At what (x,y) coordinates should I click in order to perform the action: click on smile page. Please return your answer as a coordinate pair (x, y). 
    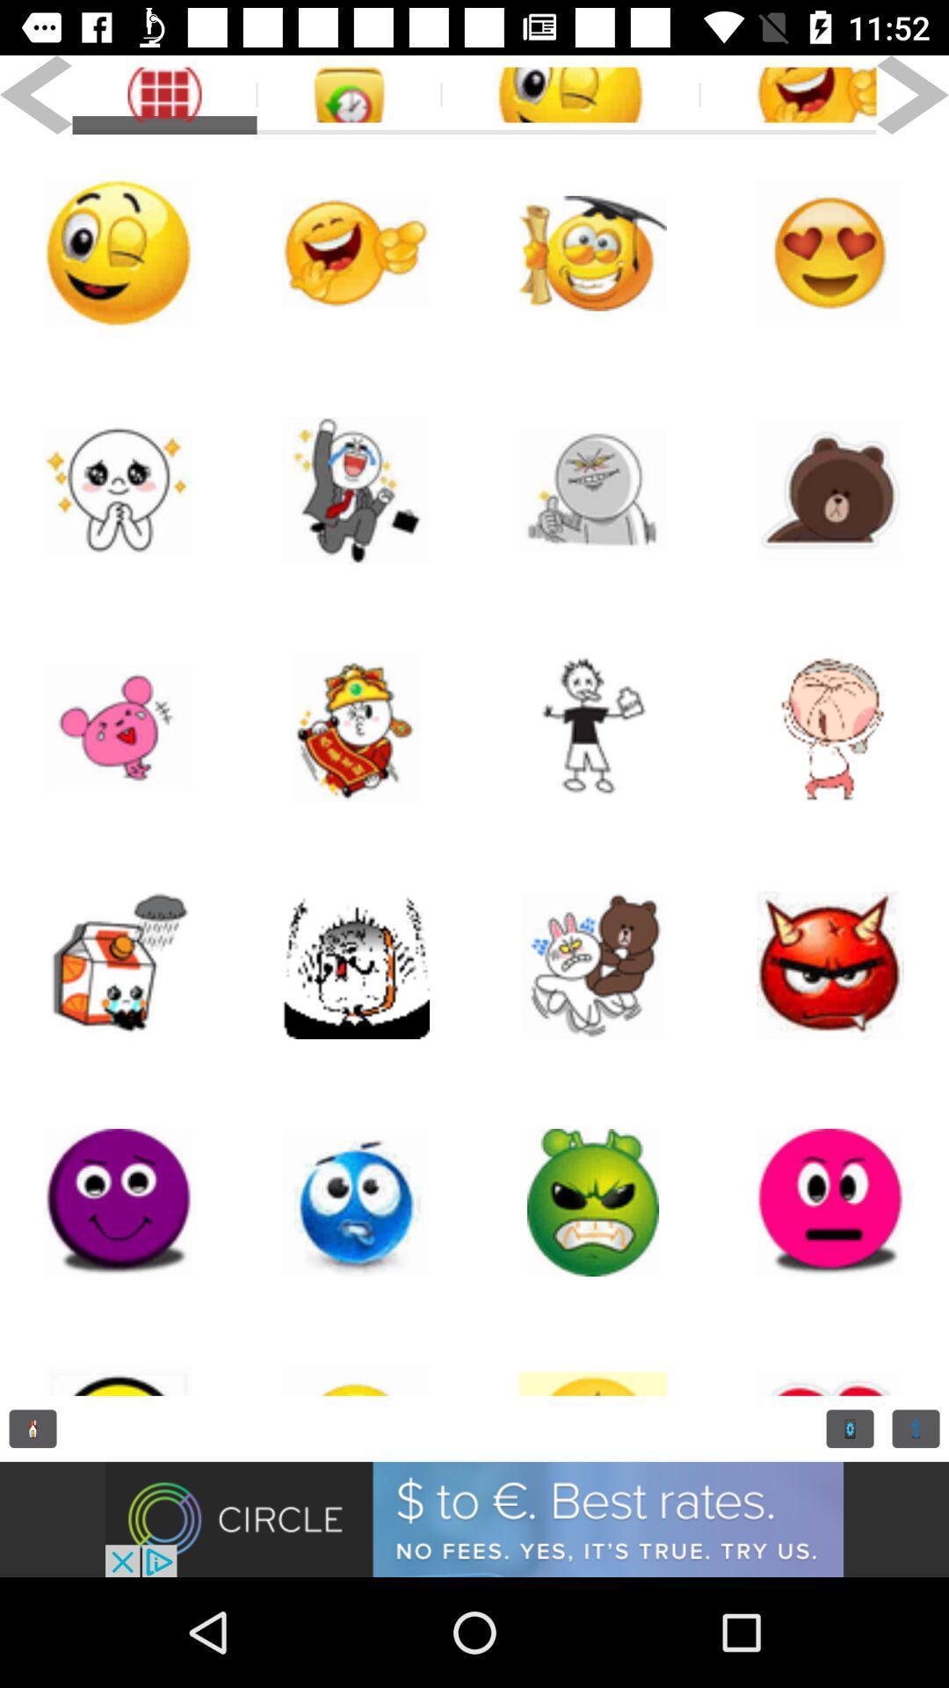
    Looking at the image, I should click on (830, 1202).